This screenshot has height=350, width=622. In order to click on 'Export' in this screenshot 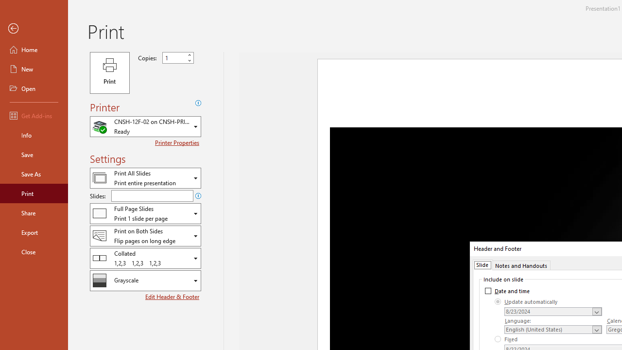, I will do `click(34, 232)`.